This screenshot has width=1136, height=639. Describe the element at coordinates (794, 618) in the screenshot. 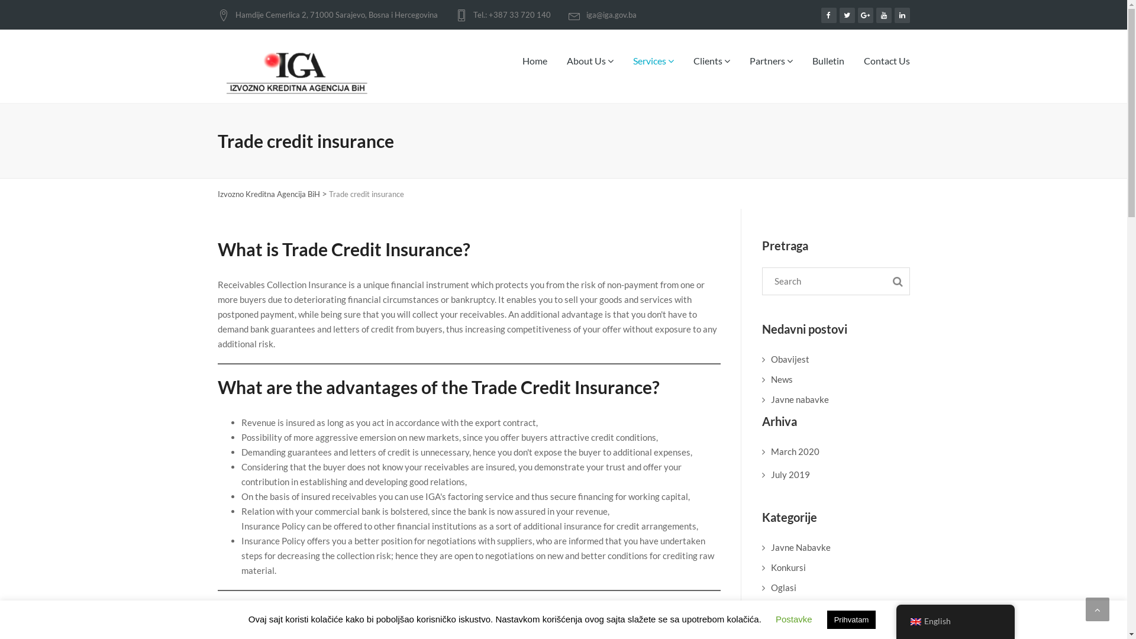

I see `'Postavke'` at that location.